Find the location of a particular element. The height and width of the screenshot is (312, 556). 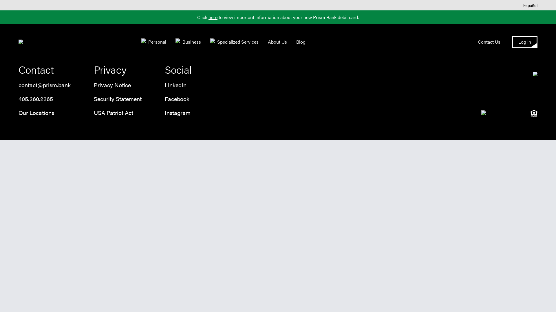

'Privacy Notice' is located at coordinates (112, 85).